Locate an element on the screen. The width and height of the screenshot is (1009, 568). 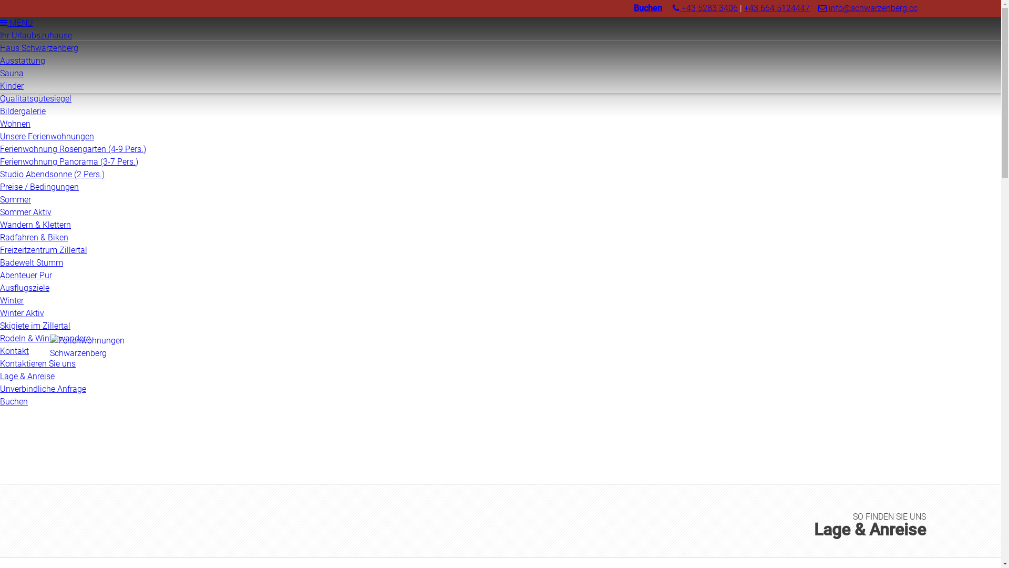
'MENU' is located at coordinates (0, 23).